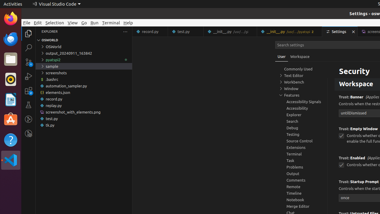  I want to click on 'security.workspace.trust.emptyWindow', so click(341, 136).